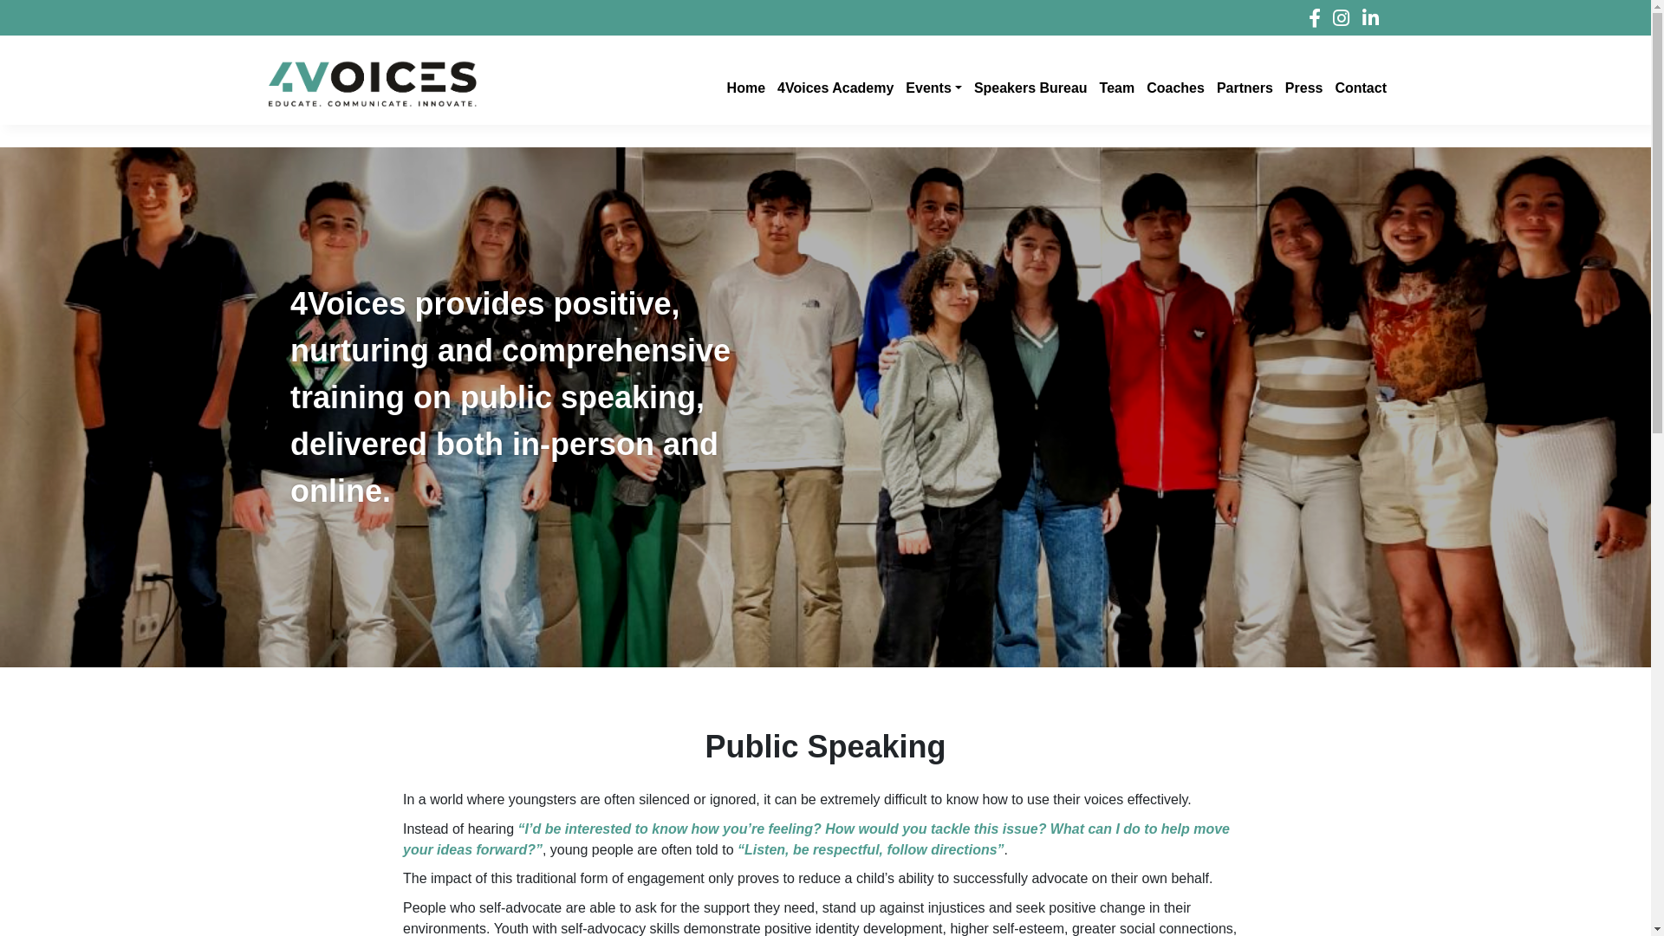 The width and height of the screenshot is (1664, 936). Describe the element at coordinates (1115, 84) in the screenshot. I see `'Team'` at that location.